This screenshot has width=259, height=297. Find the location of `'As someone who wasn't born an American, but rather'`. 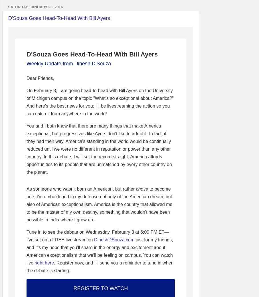

'As someone who wasn't born an American, but rather' is located at coordinates (81, 189).